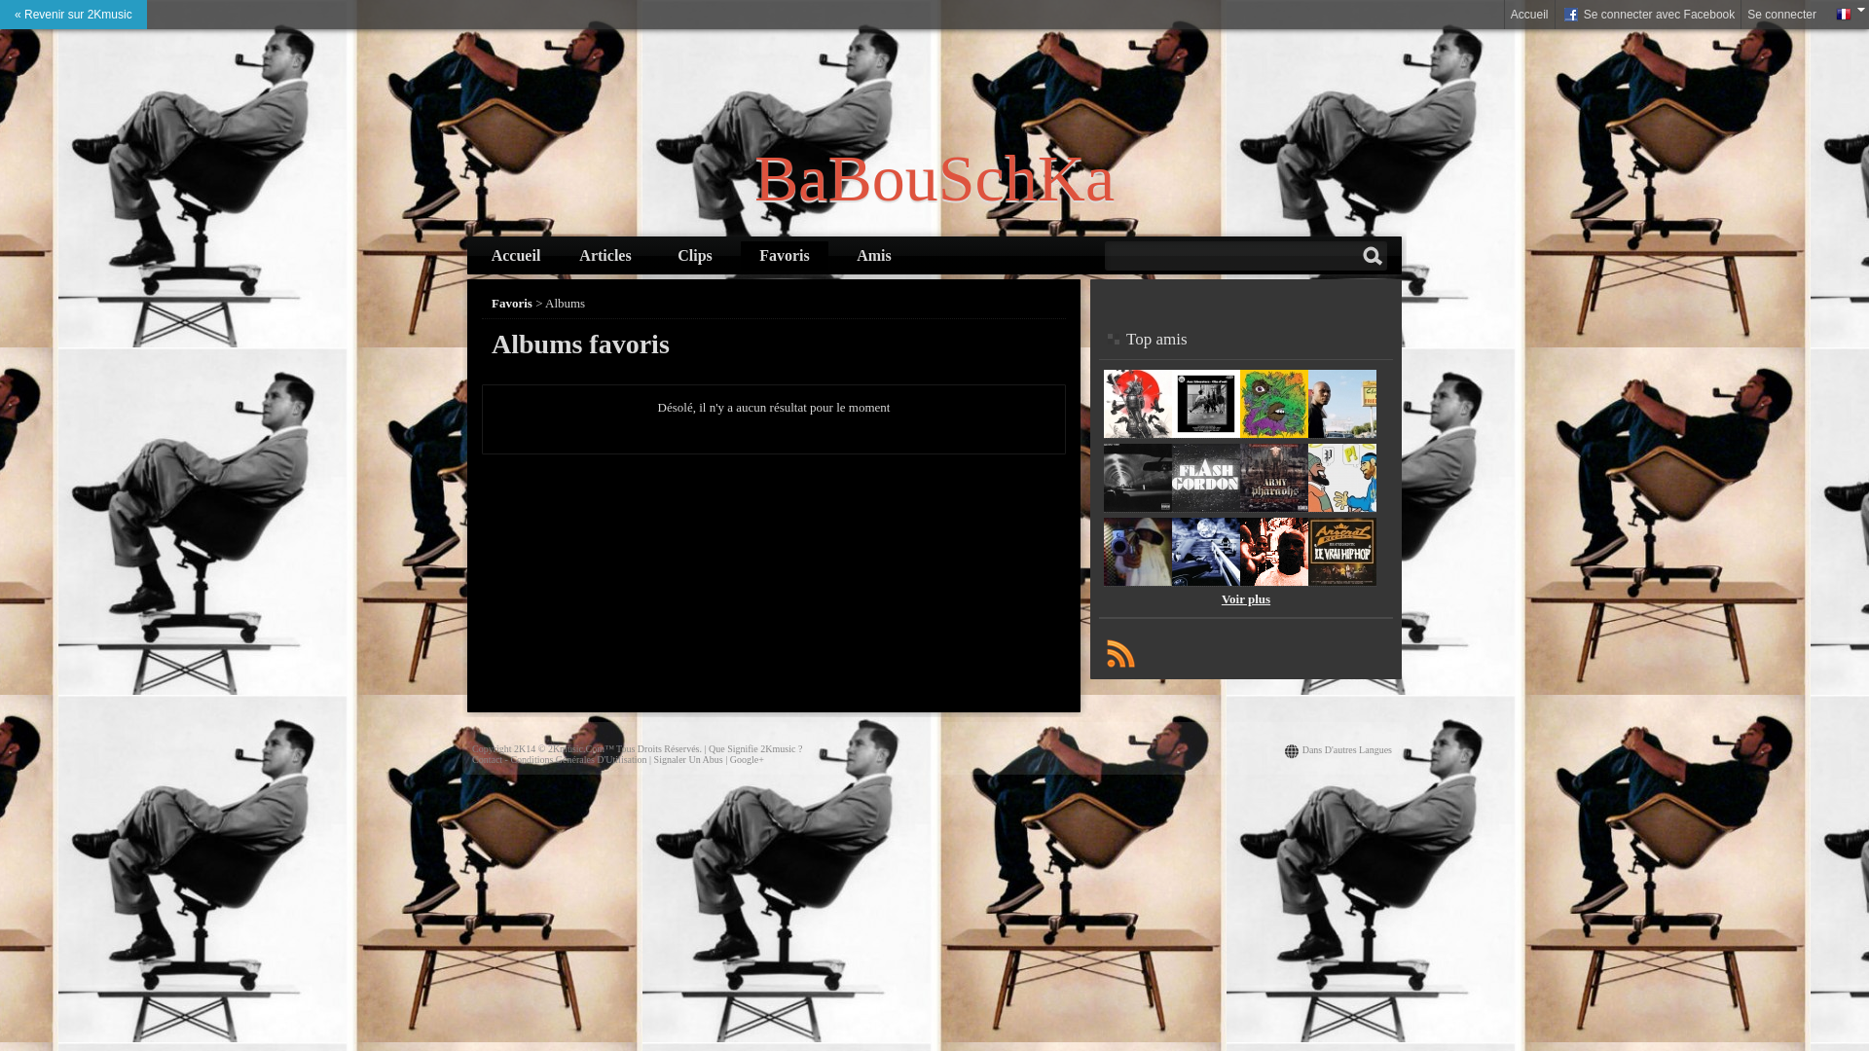 This screenshot has width=1869, height=1051. What do you see at coordinates (695, 254) in the screenshot?
I see `'Clips'` at bounding box center [695, 254].